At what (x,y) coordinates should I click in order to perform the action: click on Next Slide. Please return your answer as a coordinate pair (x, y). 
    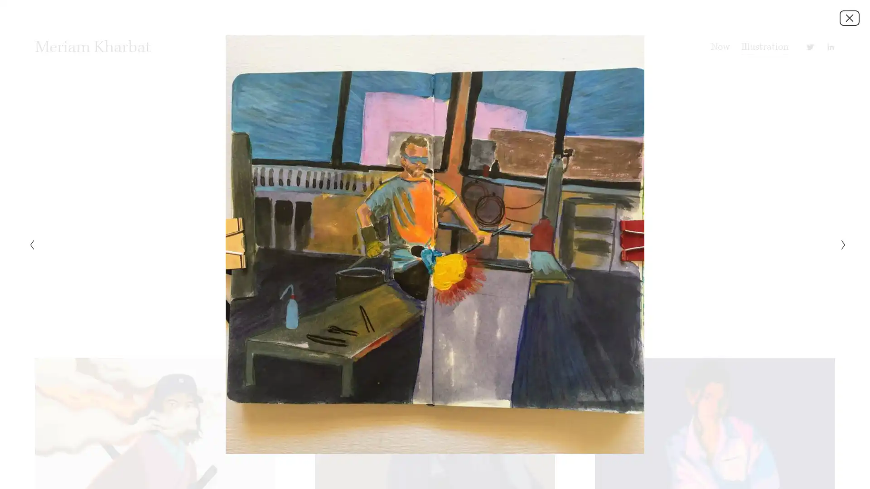
    Looking at the image, I should click on (840, 244).